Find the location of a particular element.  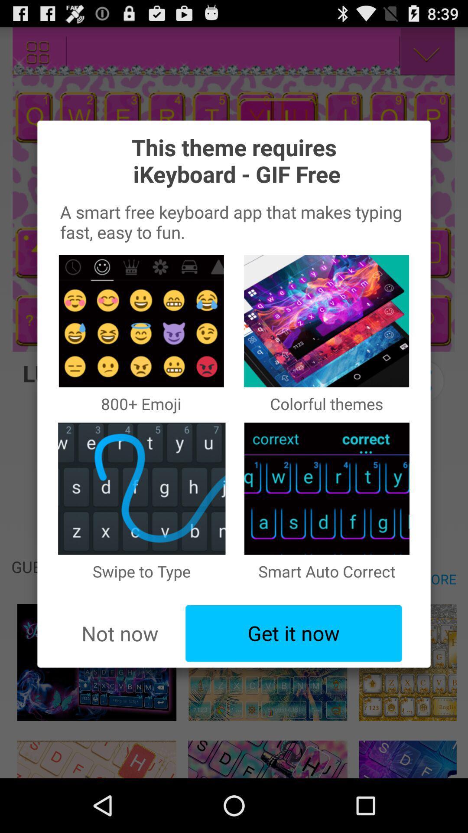

the not now button is located at coordinates (120, 633).